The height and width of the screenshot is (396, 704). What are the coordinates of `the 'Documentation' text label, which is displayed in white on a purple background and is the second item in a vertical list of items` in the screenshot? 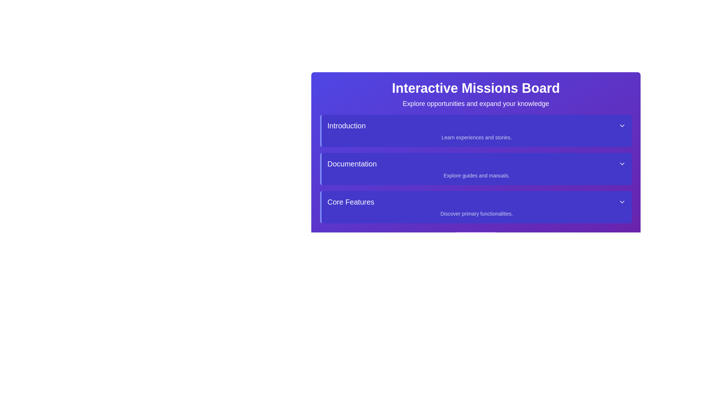 It's located at (352, 164).